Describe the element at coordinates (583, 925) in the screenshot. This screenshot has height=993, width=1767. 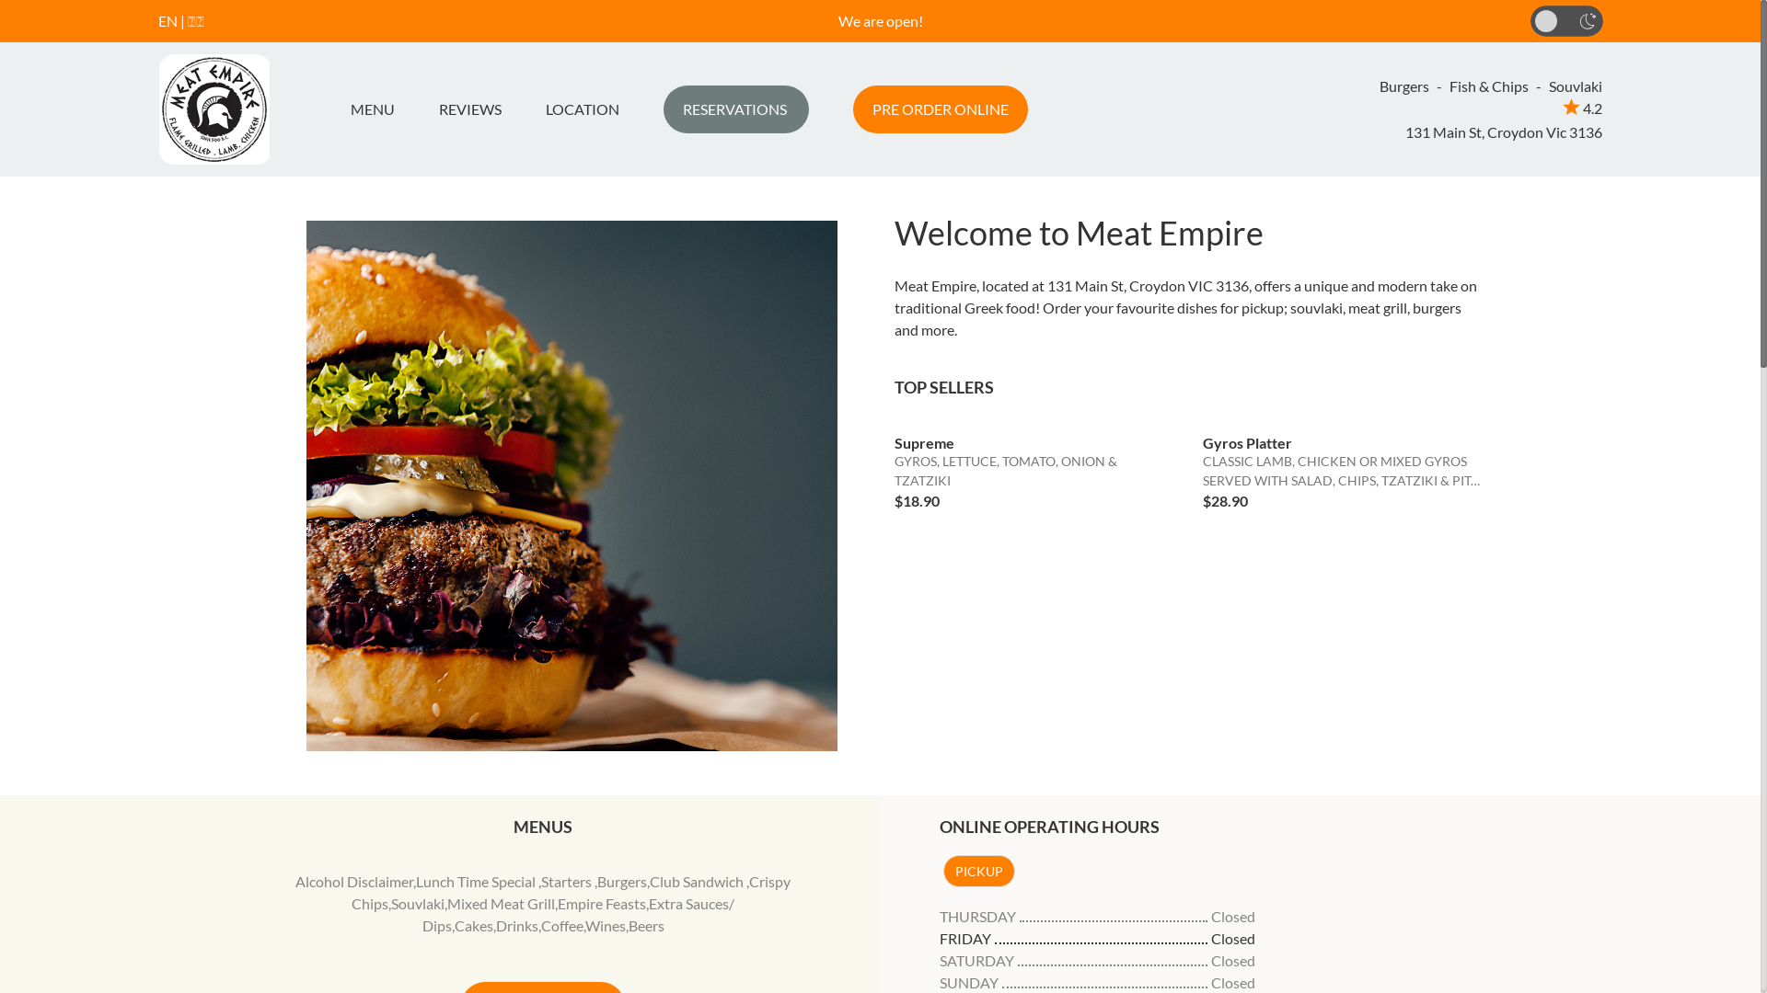
I see `'Wines'` at that location.